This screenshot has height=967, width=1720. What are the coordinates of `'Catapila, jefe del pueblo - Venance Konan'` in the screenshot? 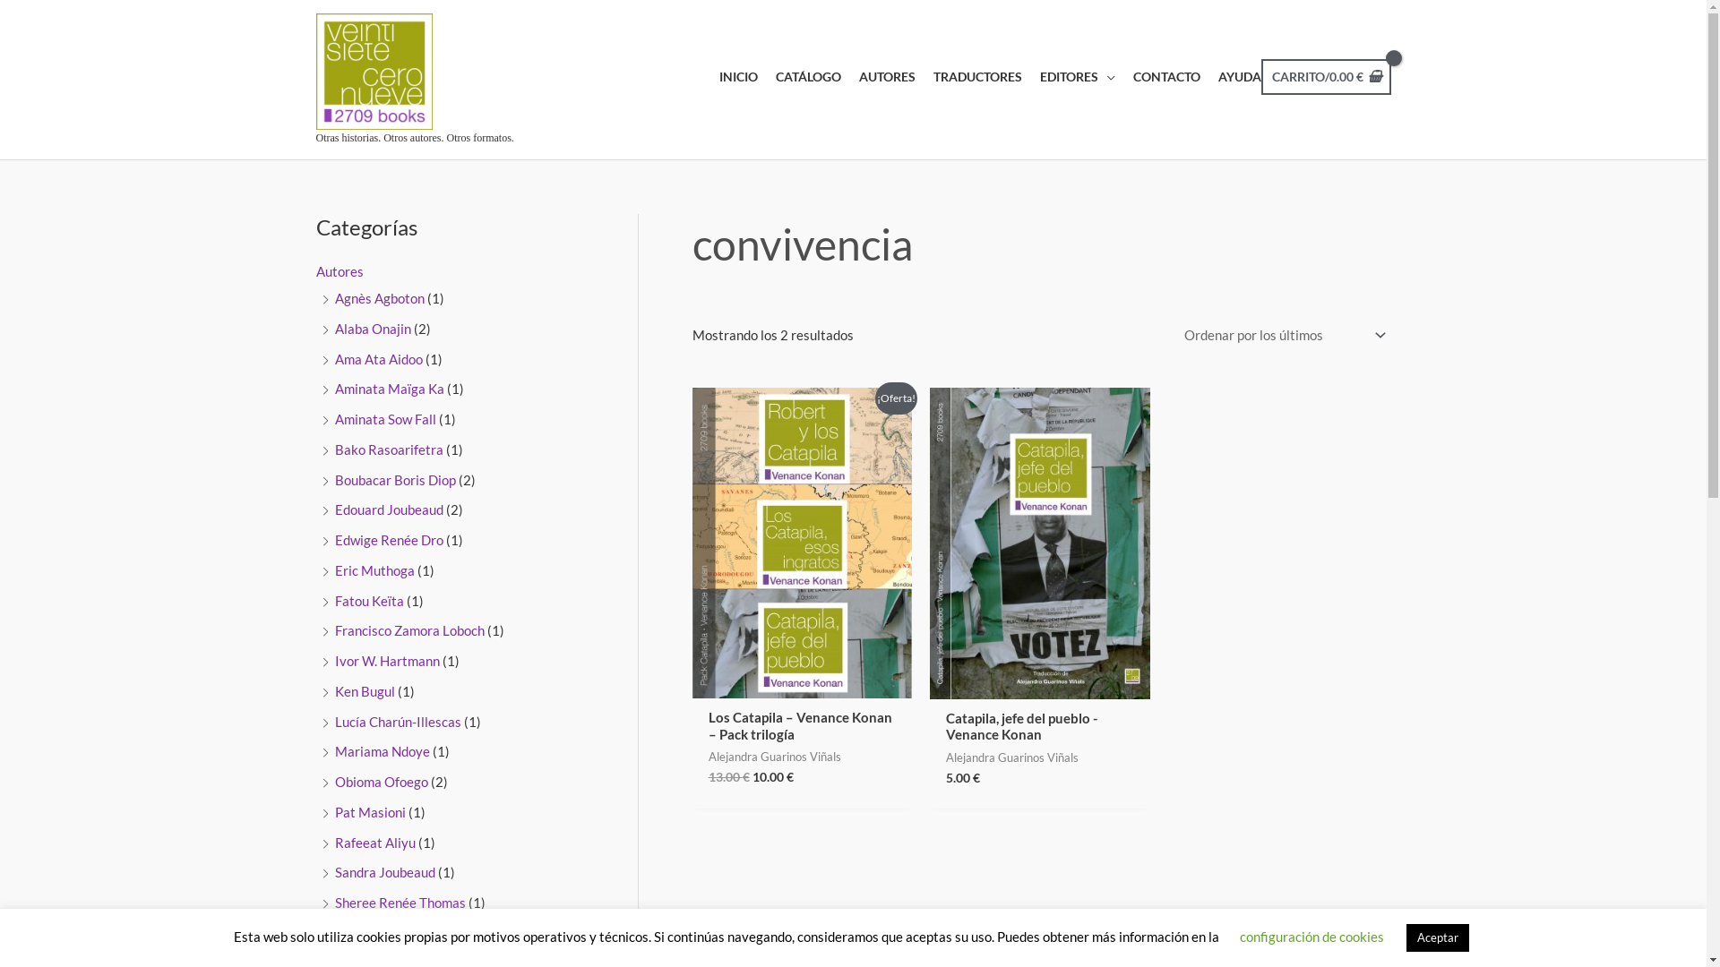 It's located at (1040, 730).